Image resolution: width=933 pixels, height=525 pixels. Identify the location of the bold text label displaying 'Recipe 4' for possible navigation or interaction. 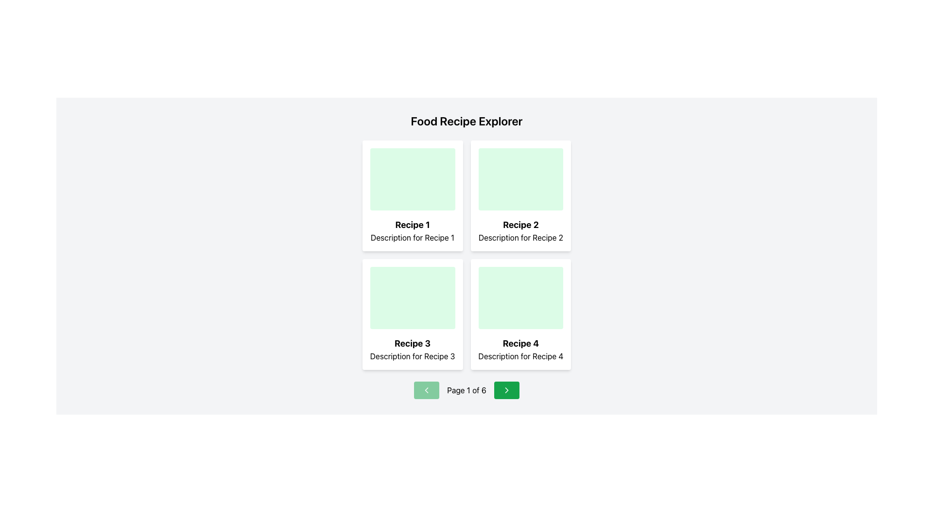
(520, 343).